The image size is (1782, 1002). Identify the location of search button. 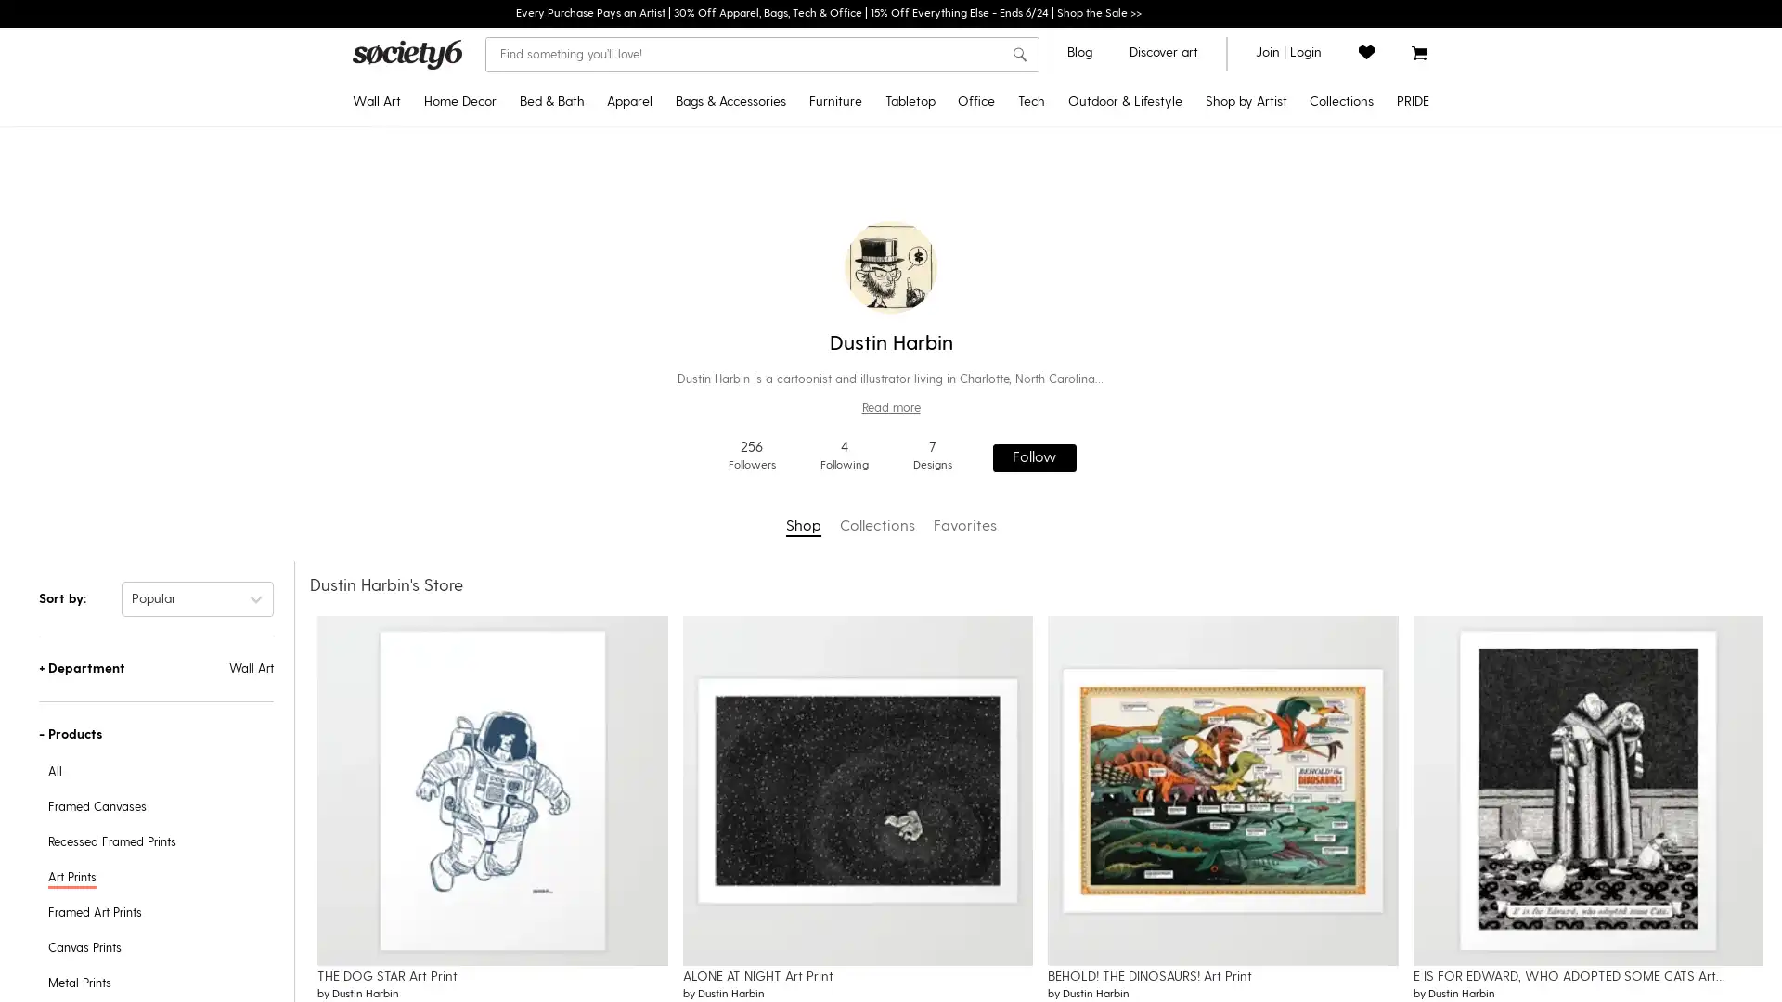
(1018, 55).